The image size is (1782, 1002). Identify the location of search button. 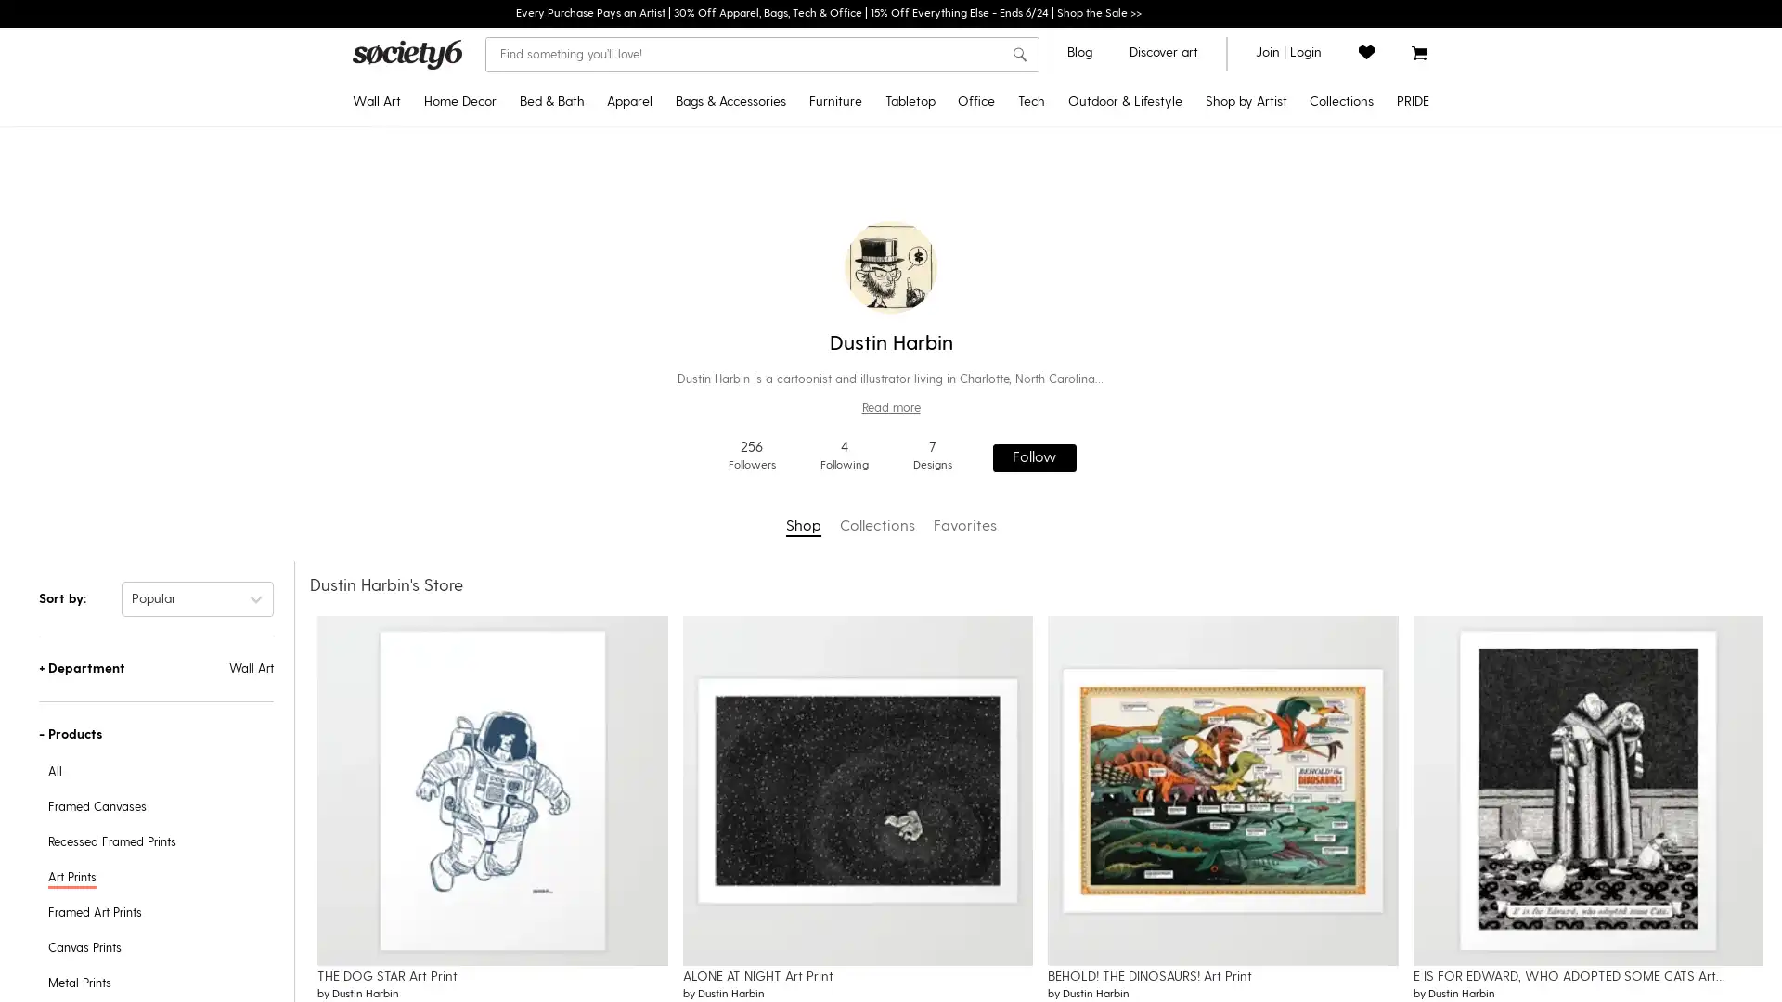
(1018, 55).